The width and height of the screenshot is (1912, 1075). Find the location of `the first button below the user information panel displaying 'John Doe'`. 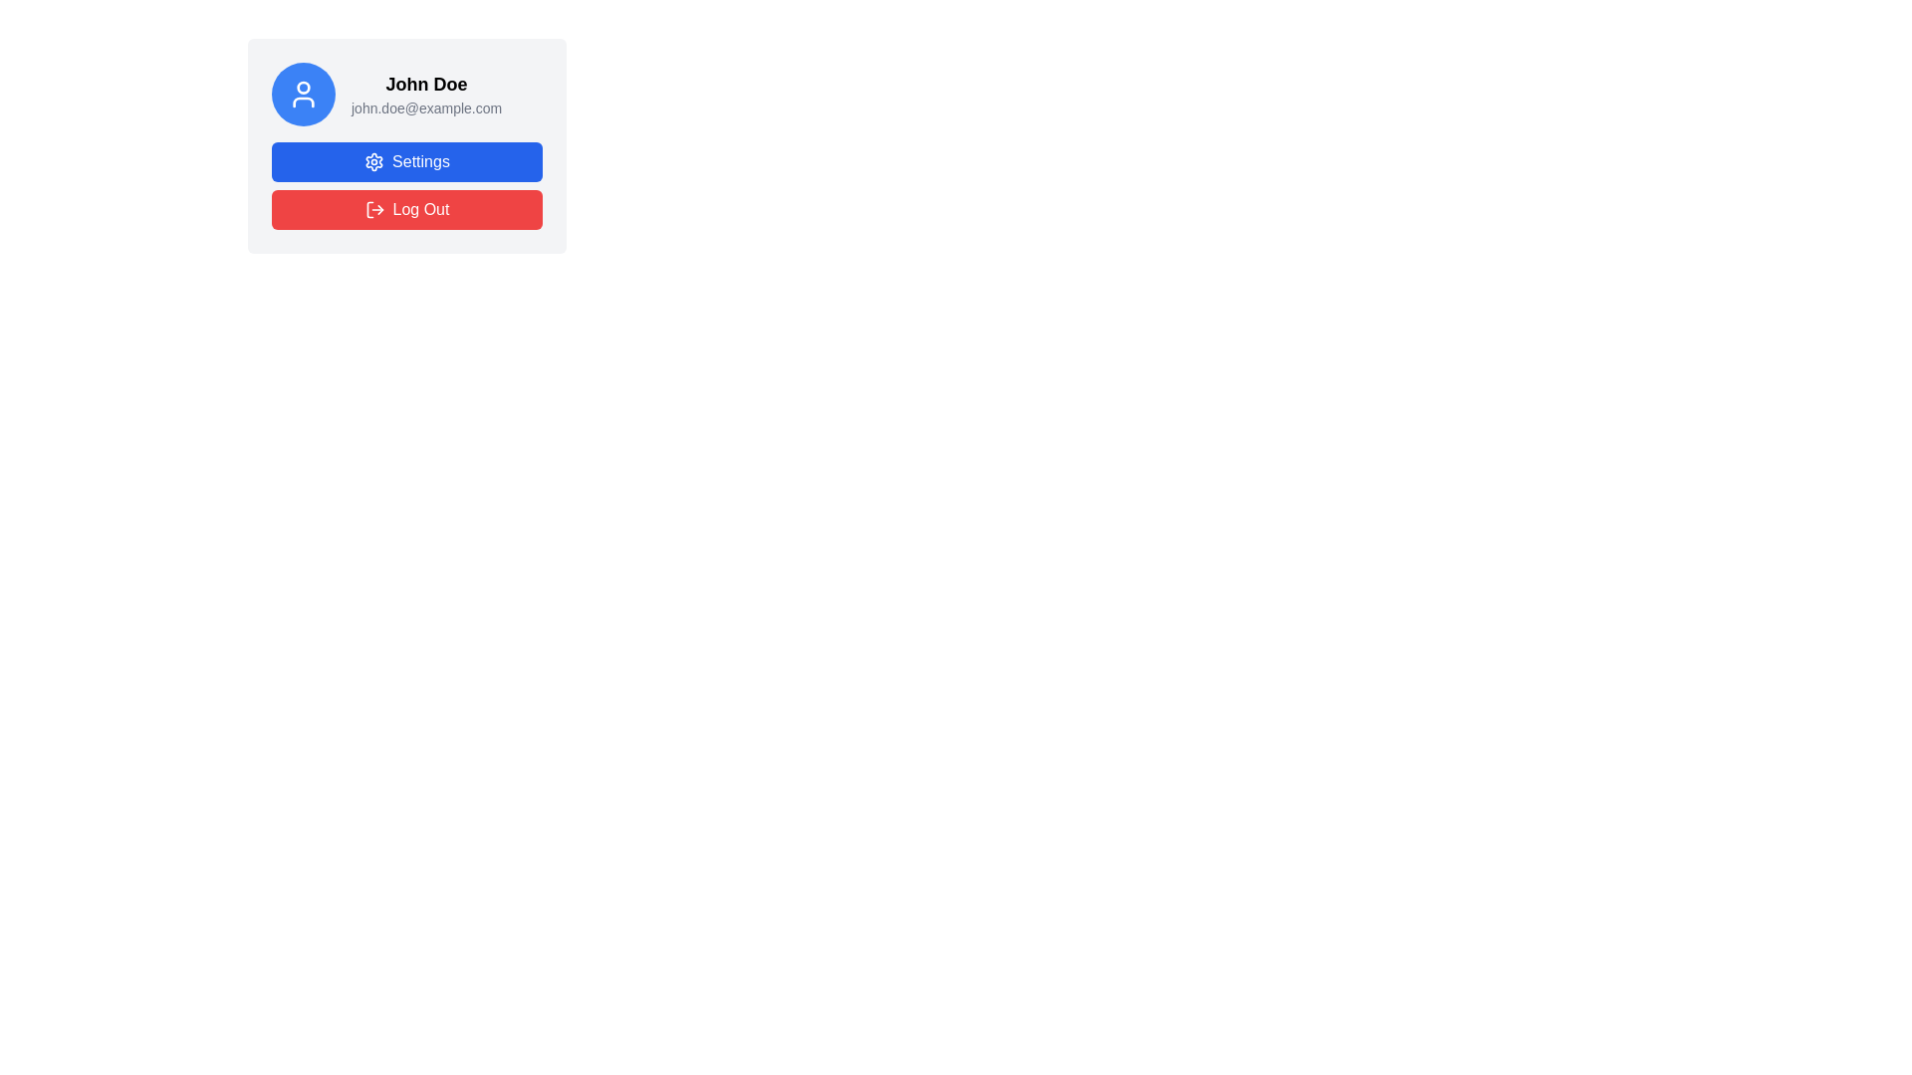

the first button below the user information panel displaying 'John Doe' is located at coordinates (405, 144).